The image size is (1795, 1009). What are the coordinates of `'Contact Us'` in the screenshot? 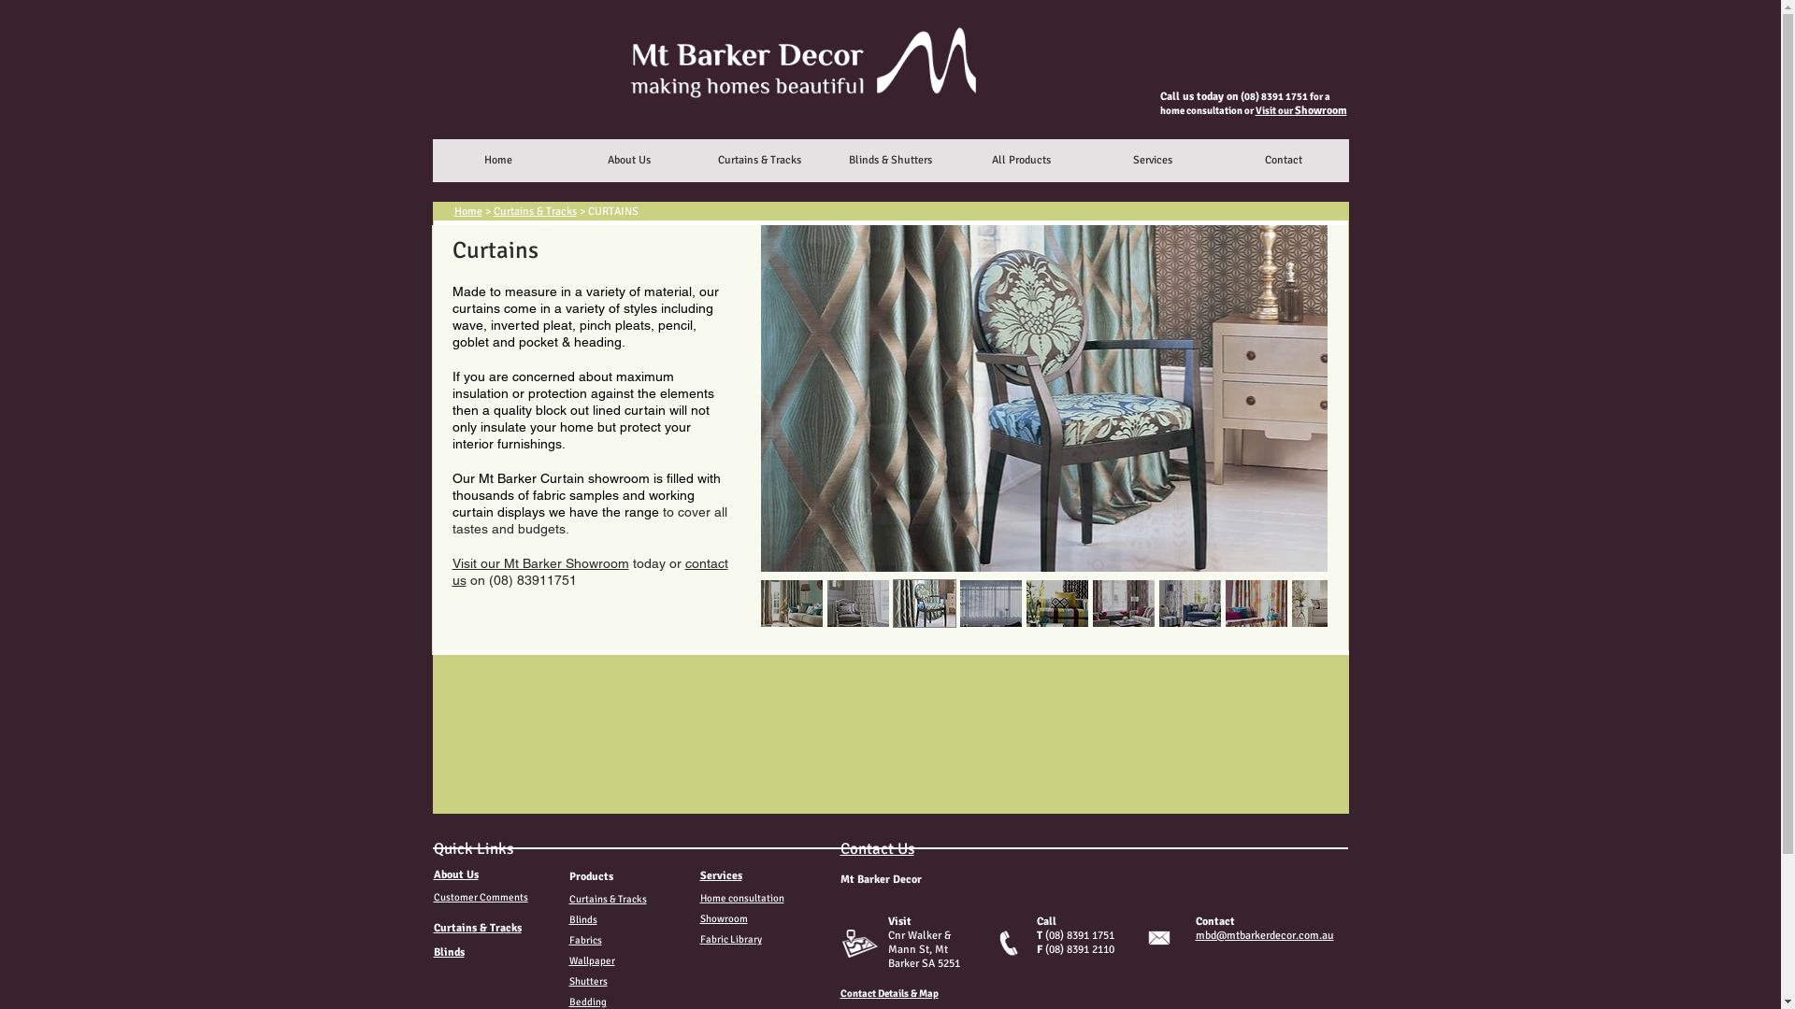 It's located at (875, 848).